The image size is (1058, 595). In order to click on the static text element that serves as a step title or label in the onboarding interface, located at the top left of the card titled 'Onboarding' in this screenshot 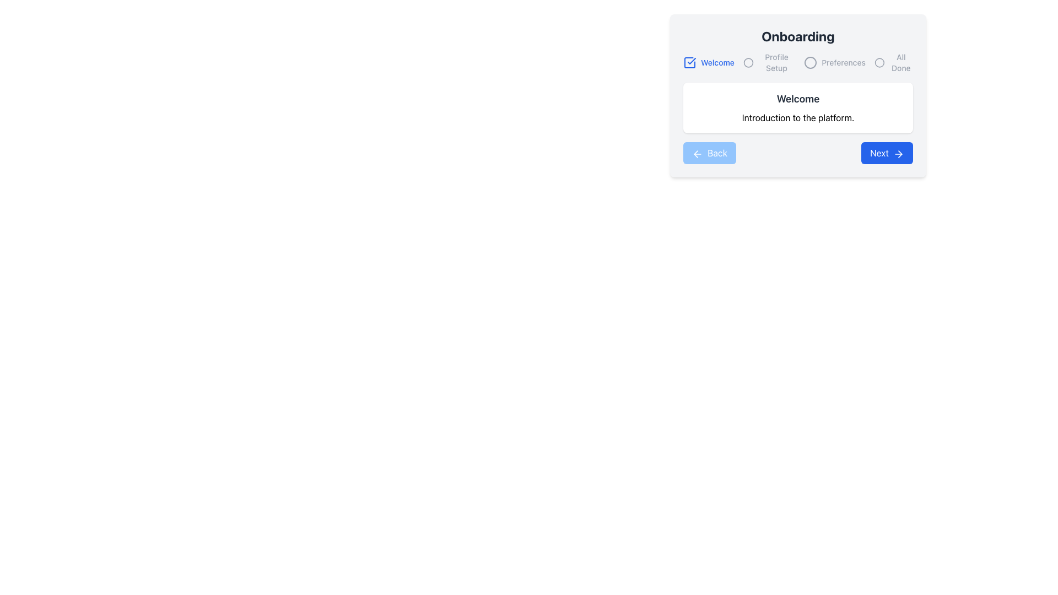, I will do `click(717, 63)`.